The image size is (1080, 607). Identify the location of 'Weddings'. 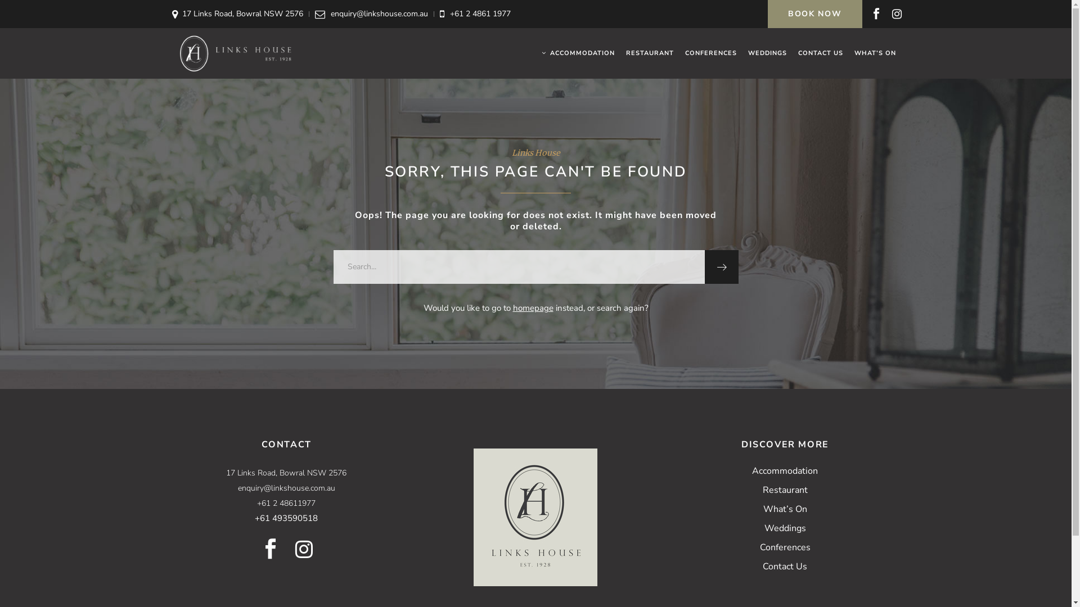
(785, 528).